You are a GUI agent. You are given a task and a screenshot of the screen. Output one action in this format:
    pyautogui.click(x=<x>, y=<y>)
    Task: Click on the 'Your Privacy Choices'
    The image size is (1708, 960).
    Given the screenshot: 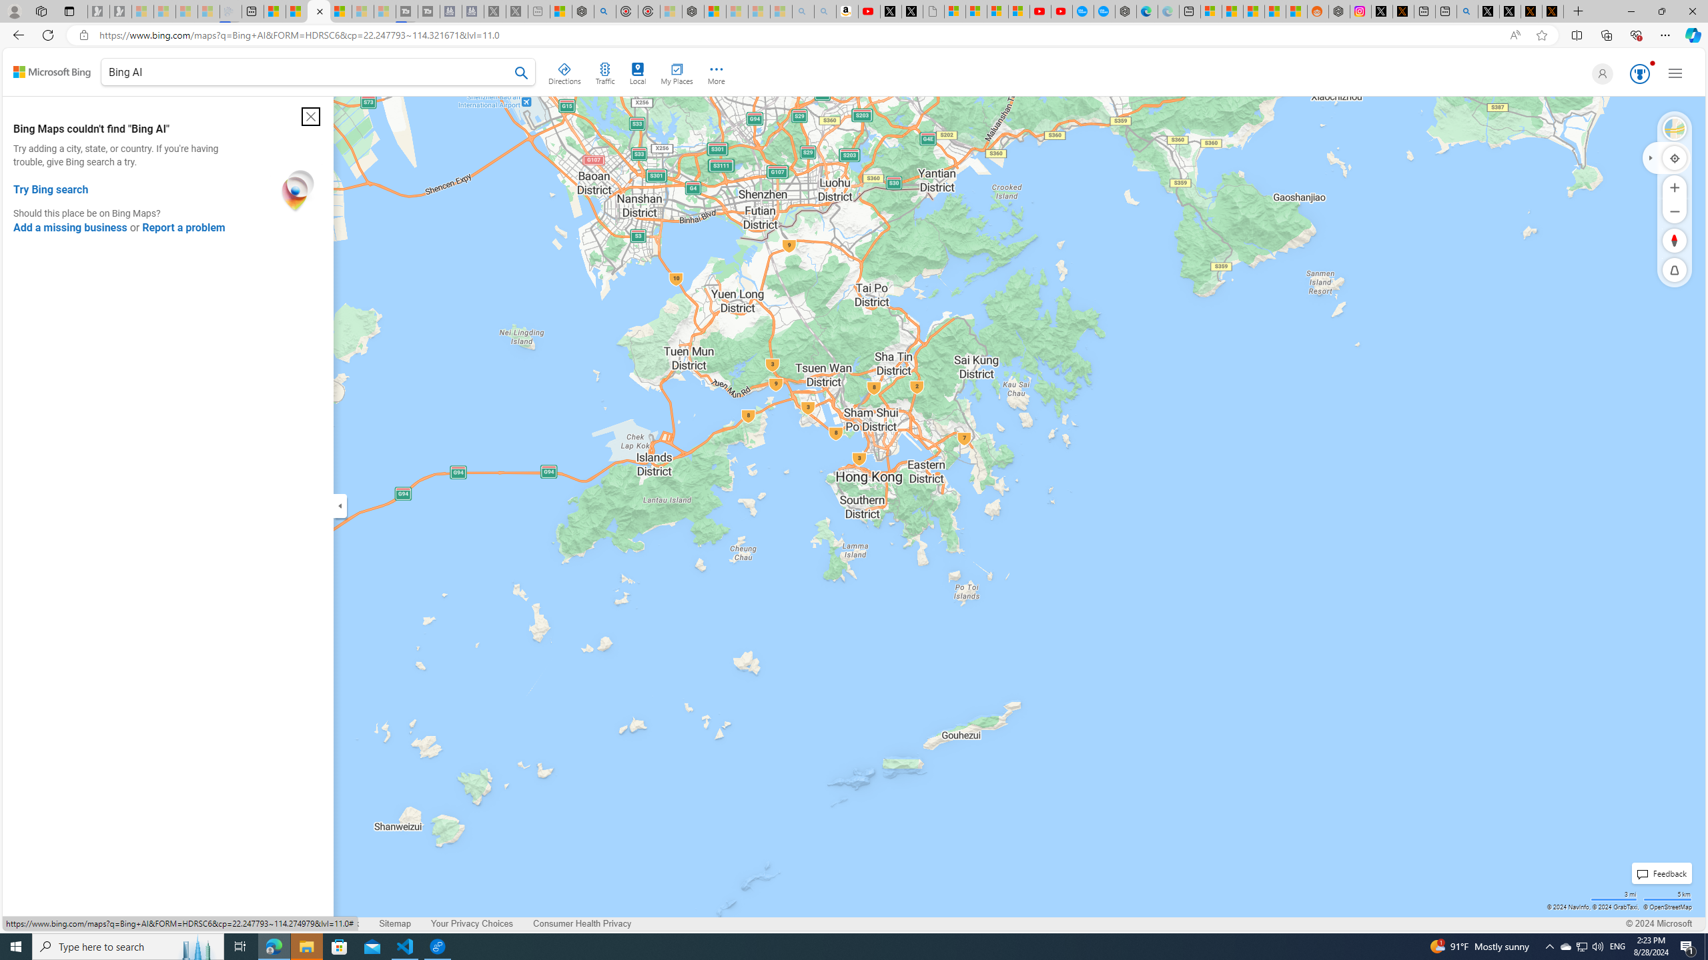 What is the action you would take?
    pyautogui.click(x=471, y=923)
    